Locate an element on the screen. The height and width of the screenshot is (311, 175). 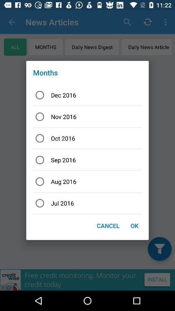
item above the oct 2016 icon is located at coordinates (87, 117).